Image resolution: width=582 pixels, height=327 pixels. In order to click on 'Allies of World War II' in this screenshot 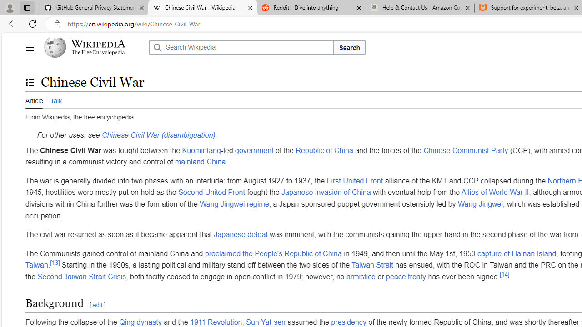, I will do `click(494, 192)`.